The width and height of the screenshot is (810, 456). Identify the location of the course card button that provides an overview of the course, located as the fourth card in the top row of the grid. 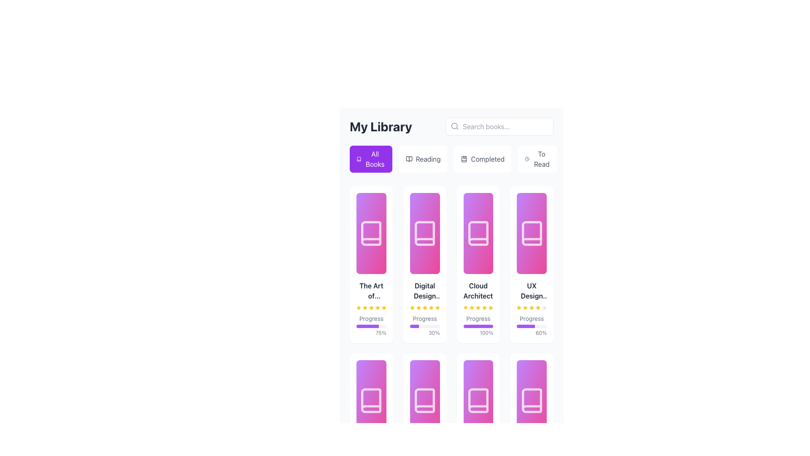
(531, 264).